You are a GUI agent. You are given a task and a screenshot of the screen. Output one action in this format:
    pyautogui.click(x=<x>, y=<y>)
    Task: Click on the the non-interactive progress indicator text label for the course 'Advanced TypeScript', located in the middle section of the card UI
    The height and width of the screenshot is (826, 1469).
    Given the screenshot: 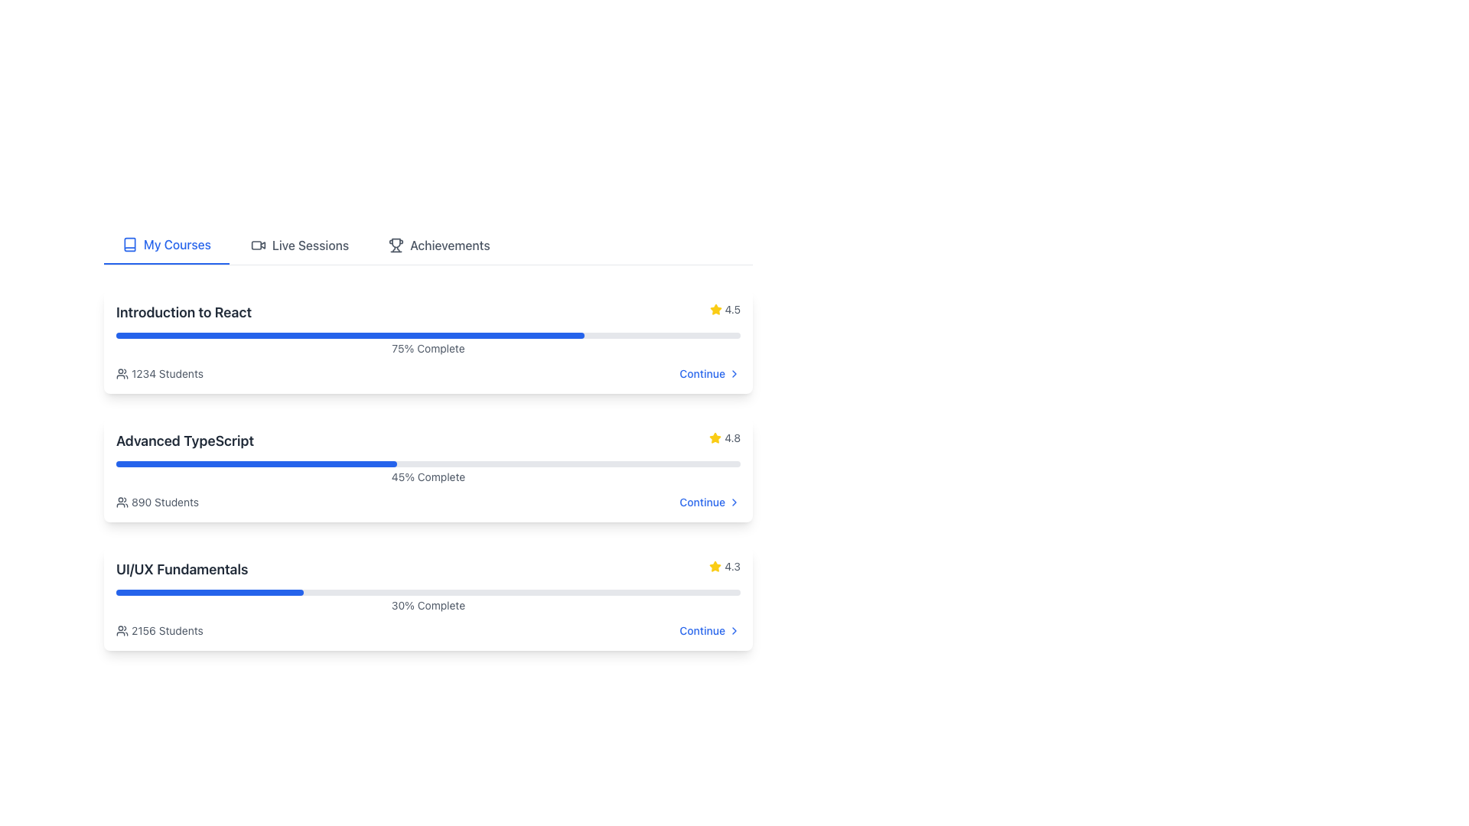 What is the action you would take?
    pyautogui.click(x=428, y=472)
    